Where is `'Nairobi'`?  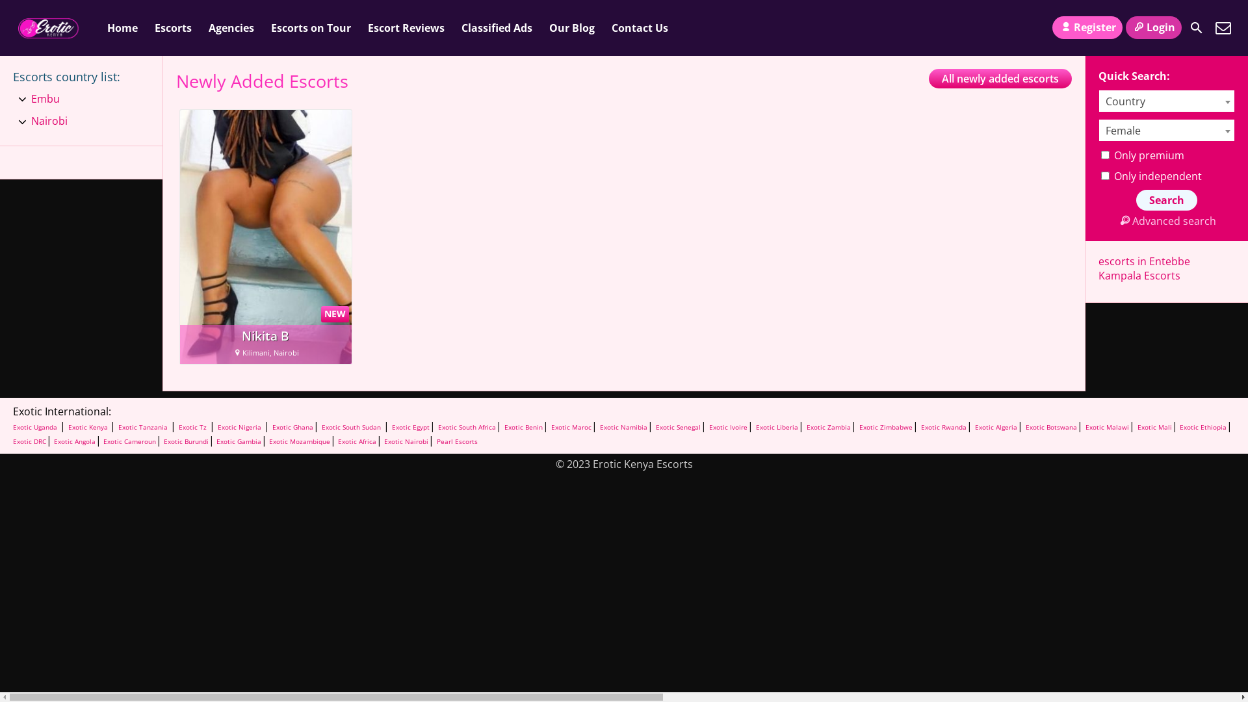
'Nairobi' is located at coordinates (49, 121).